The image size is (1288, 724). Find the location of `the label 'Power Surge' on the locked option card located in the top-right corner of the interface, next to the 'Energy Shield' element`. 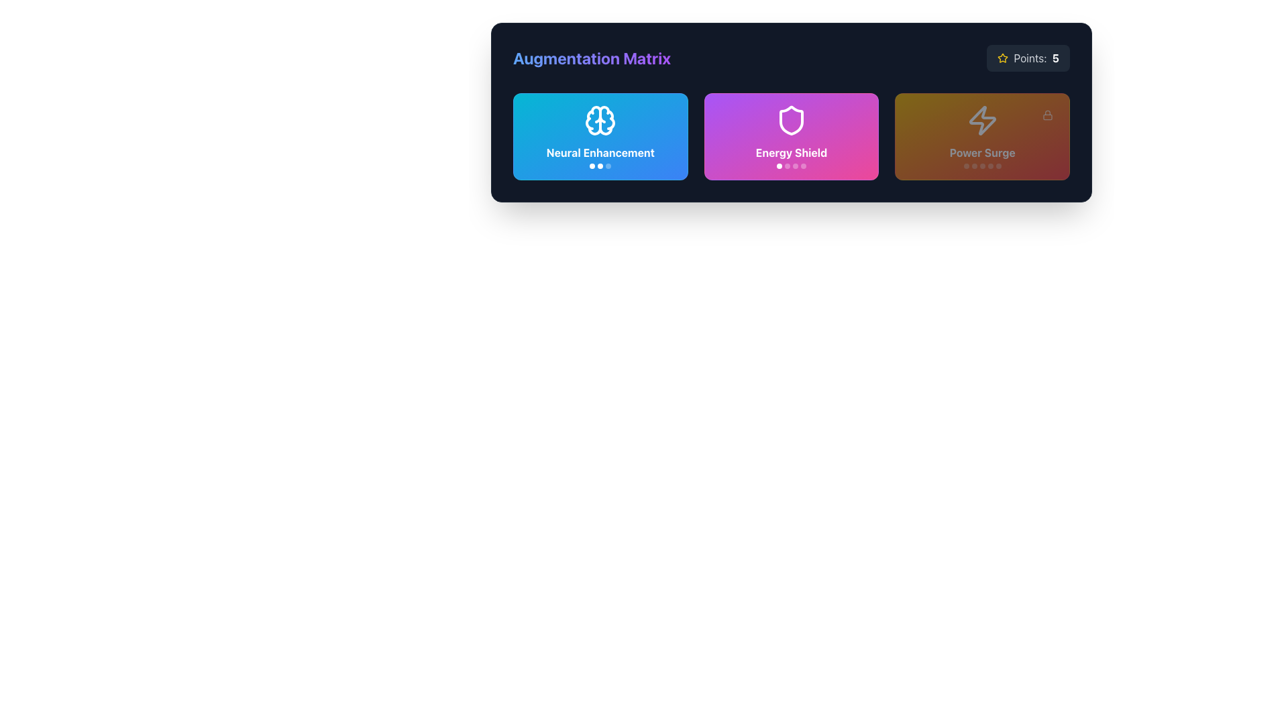

the label 'Power Surge' on the locked option card located in the top-right corner of the interface, next to the 'Energy Shield' element is located at coordinates (982, 137).